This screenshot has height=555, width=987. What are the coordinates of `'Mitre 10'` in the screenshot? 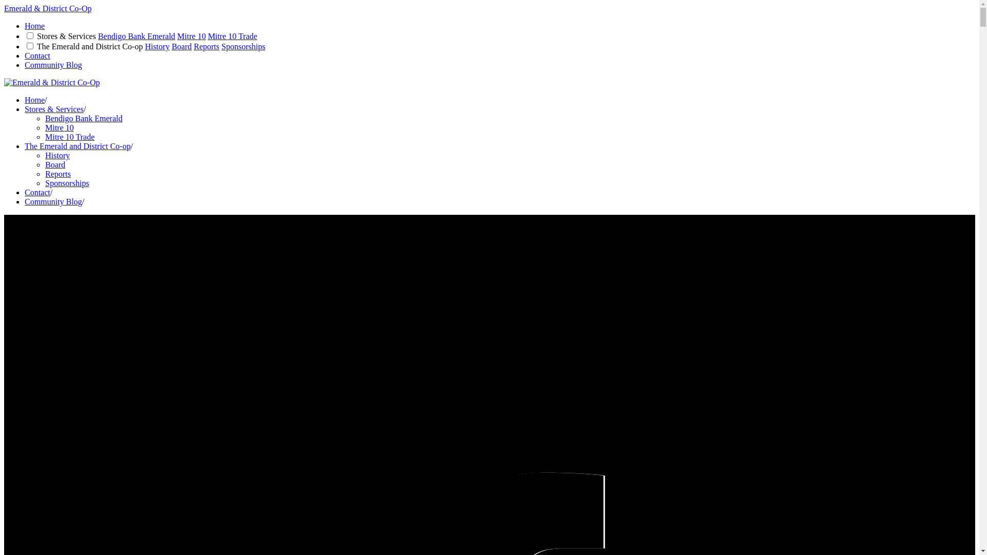 It's located at (59, 127).